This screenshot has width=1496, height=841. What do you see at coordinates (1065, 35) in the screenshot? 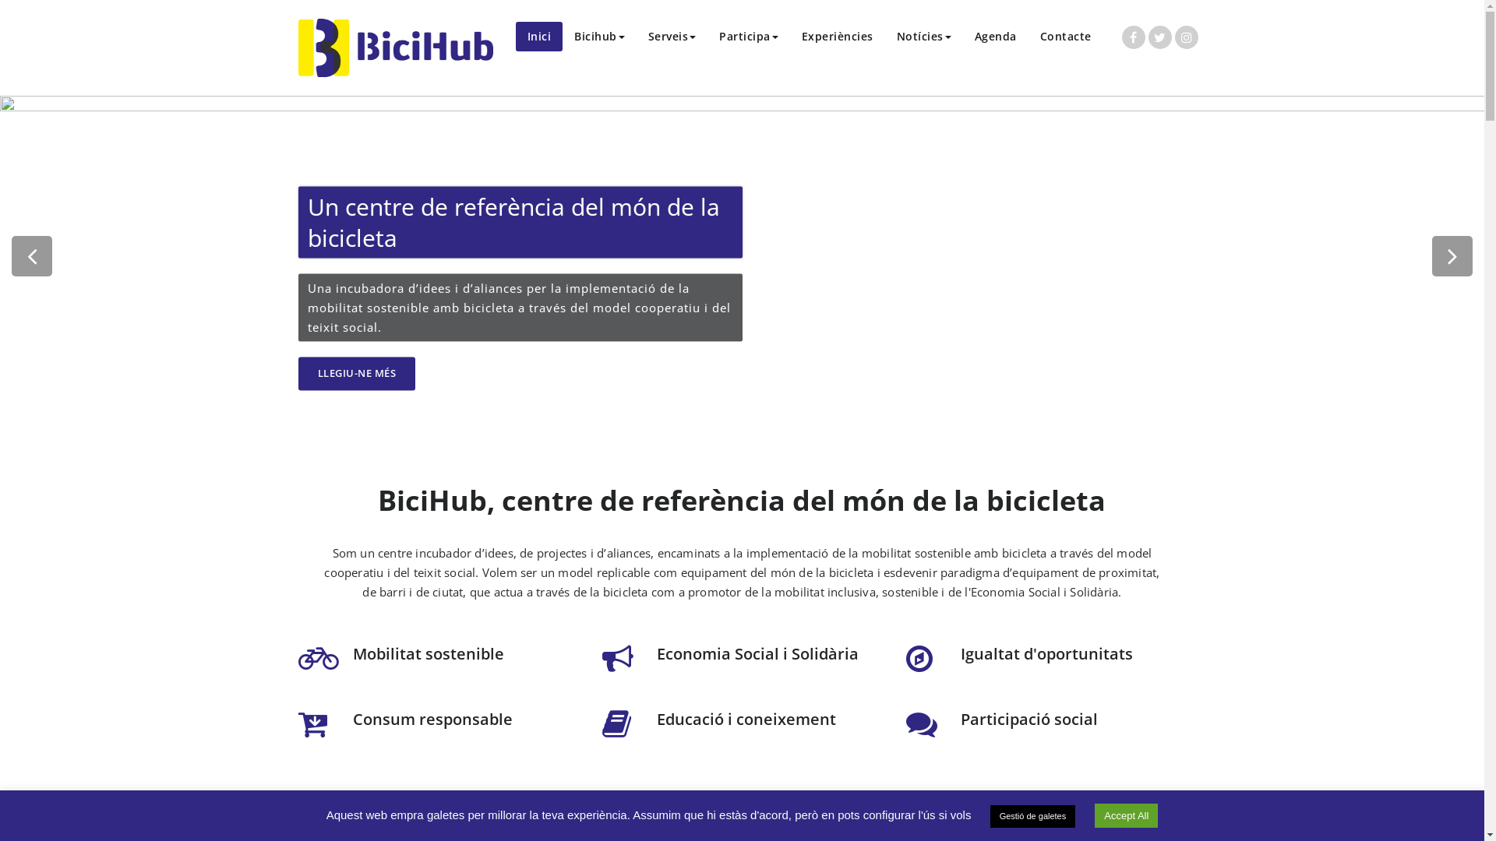
I see `'Contacte'` at bounding box center [1065, 35].